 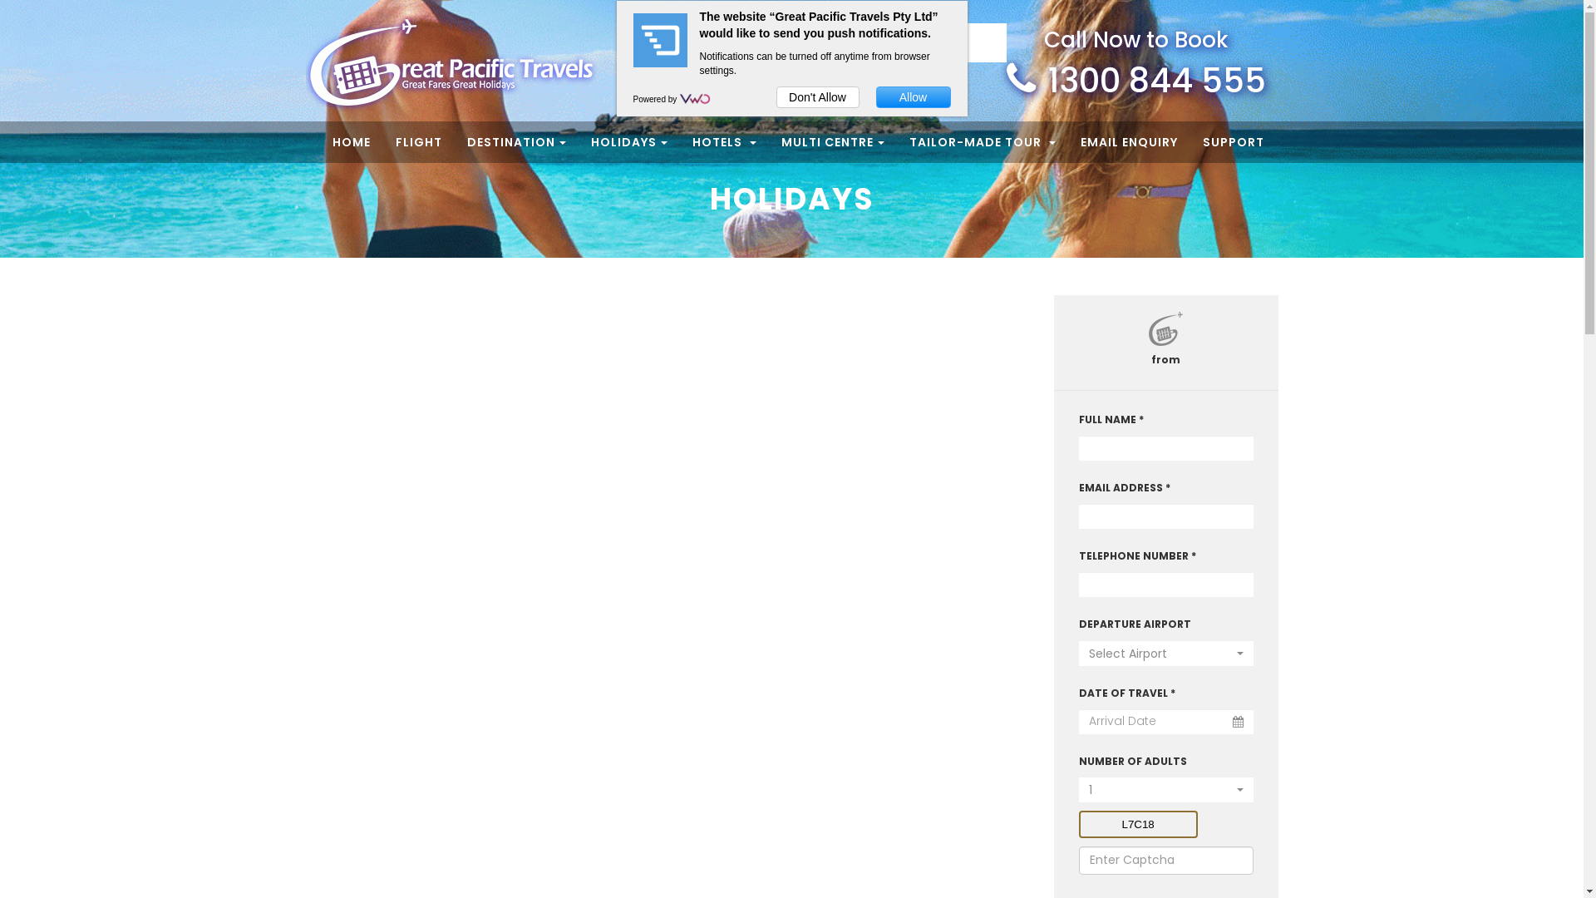 What do you see at coordinates (394, 141) in the screenshot?
I see `'FLIGHT'` at bounding box center [394, 141].